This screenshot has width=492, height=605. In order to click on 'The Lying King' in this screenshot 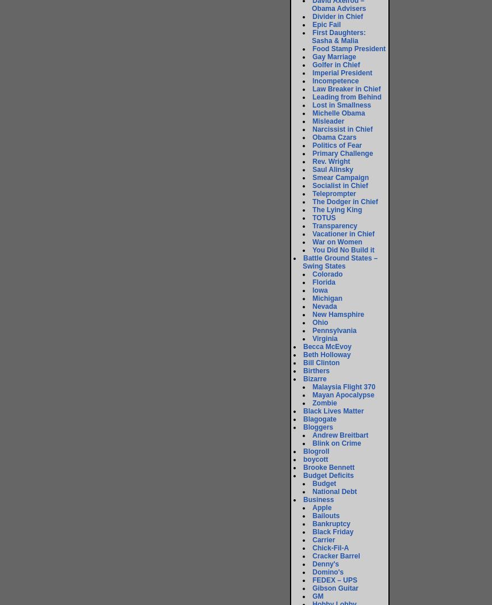, I will do `click(337, 210)`.